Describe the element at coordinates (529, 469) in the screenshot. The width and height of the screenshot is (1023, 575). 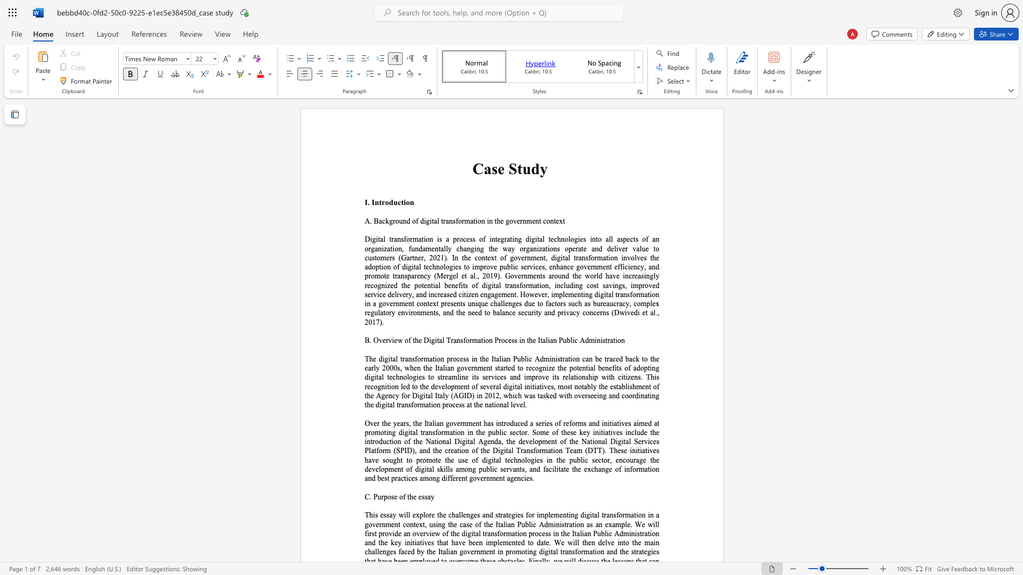
I see `the subset text "and" within the text "ublic servants, and"` at that location.